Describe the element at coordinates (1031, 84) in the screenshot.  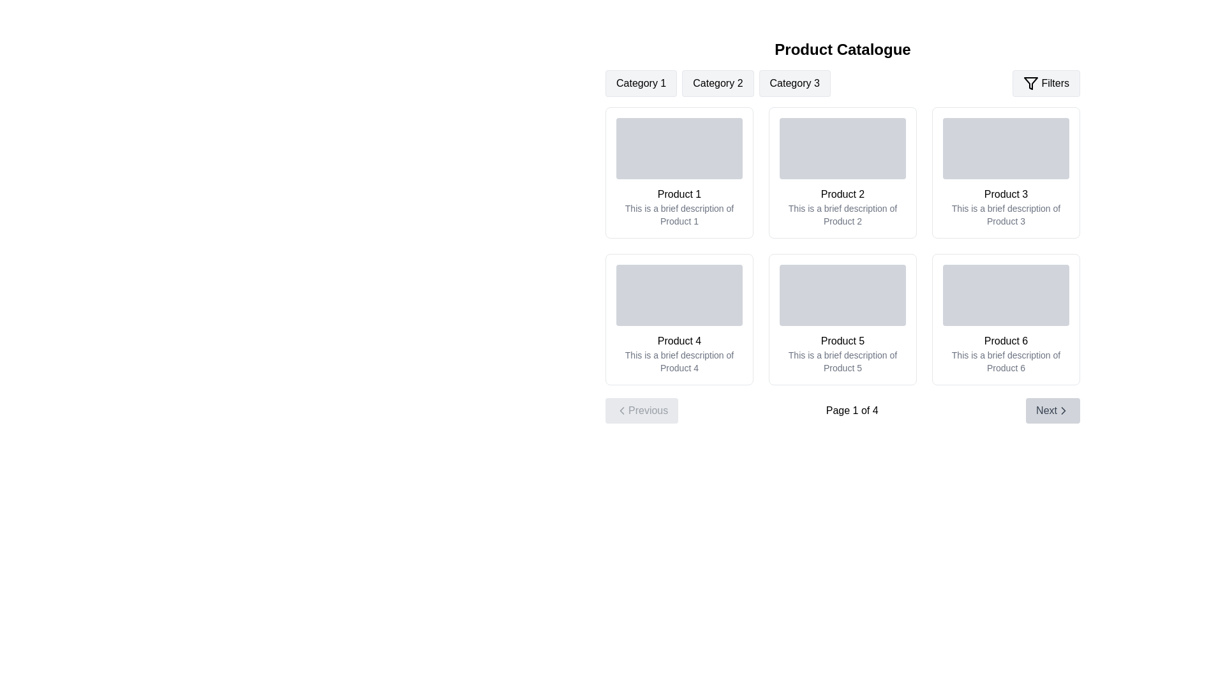
I see `the SVG graphical element that represents the filter functionality located in the top-right corner of the layout` at that location.